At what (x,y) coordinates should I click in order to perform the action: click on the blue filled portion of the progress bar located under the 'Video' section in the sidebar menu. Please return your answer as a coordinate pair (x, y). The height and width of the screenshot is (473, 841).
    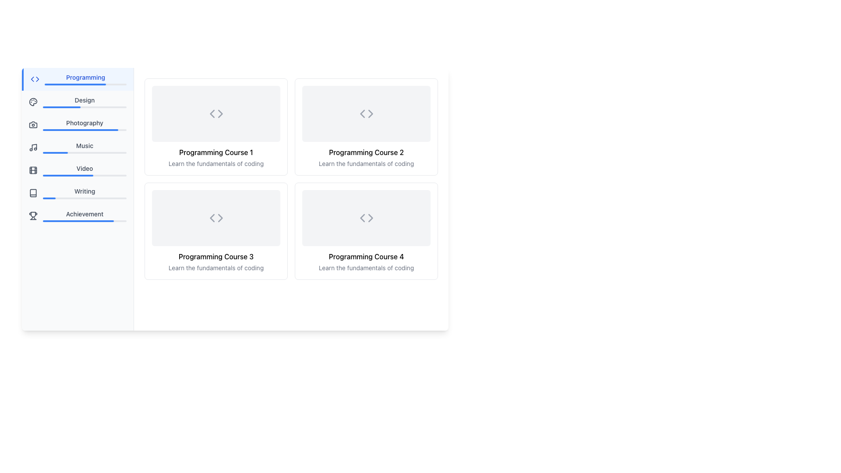
    Looking at the image, I should click on (67, 176).